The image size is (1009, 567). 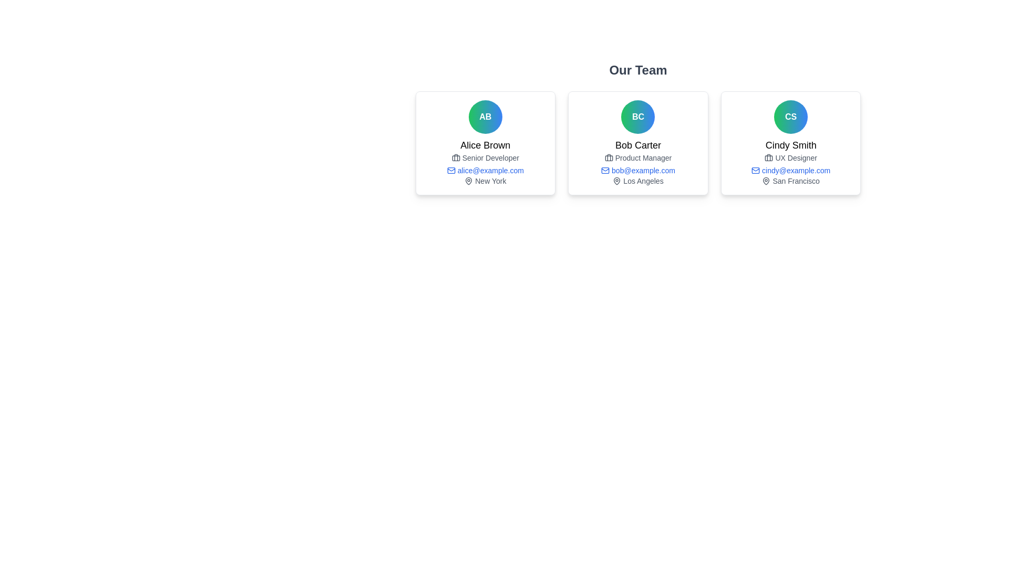 I want to click on the Avatar icon, which is a circular profile icon with a gradient background and the initials 'BC' in bold white text, positioned at the top center of Bob Carter's information card, so click(x=637, y=117).